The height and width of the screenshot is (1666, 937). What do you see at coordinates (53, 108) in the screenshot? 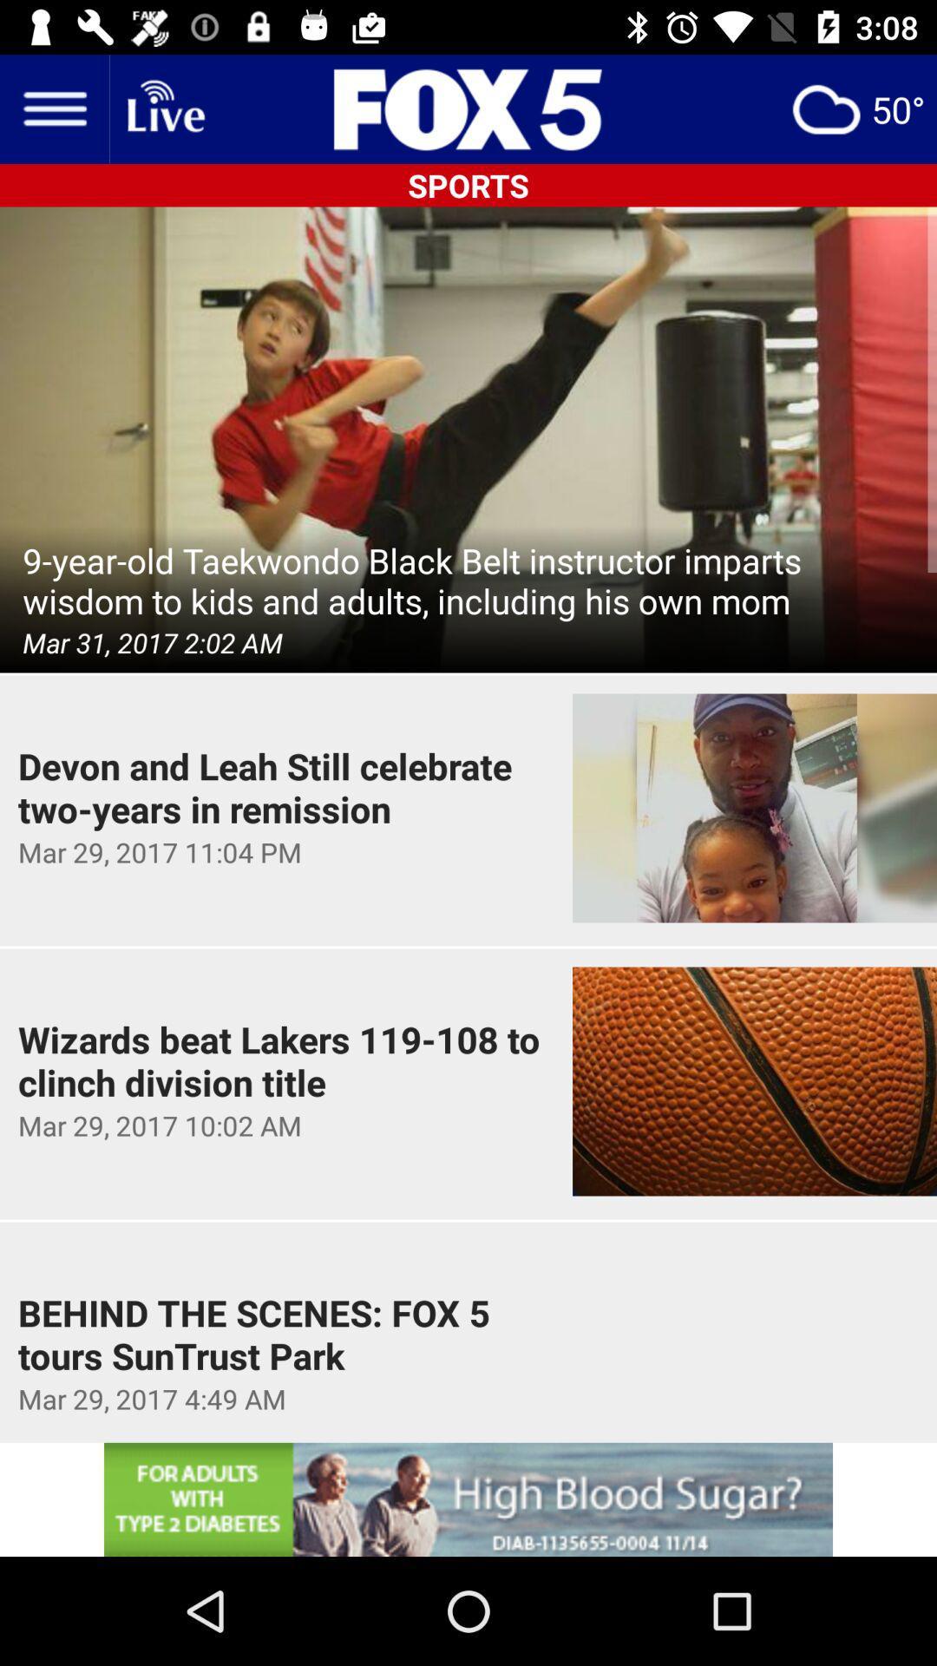
I see `the menu icon` at bounding box center [53, 108].